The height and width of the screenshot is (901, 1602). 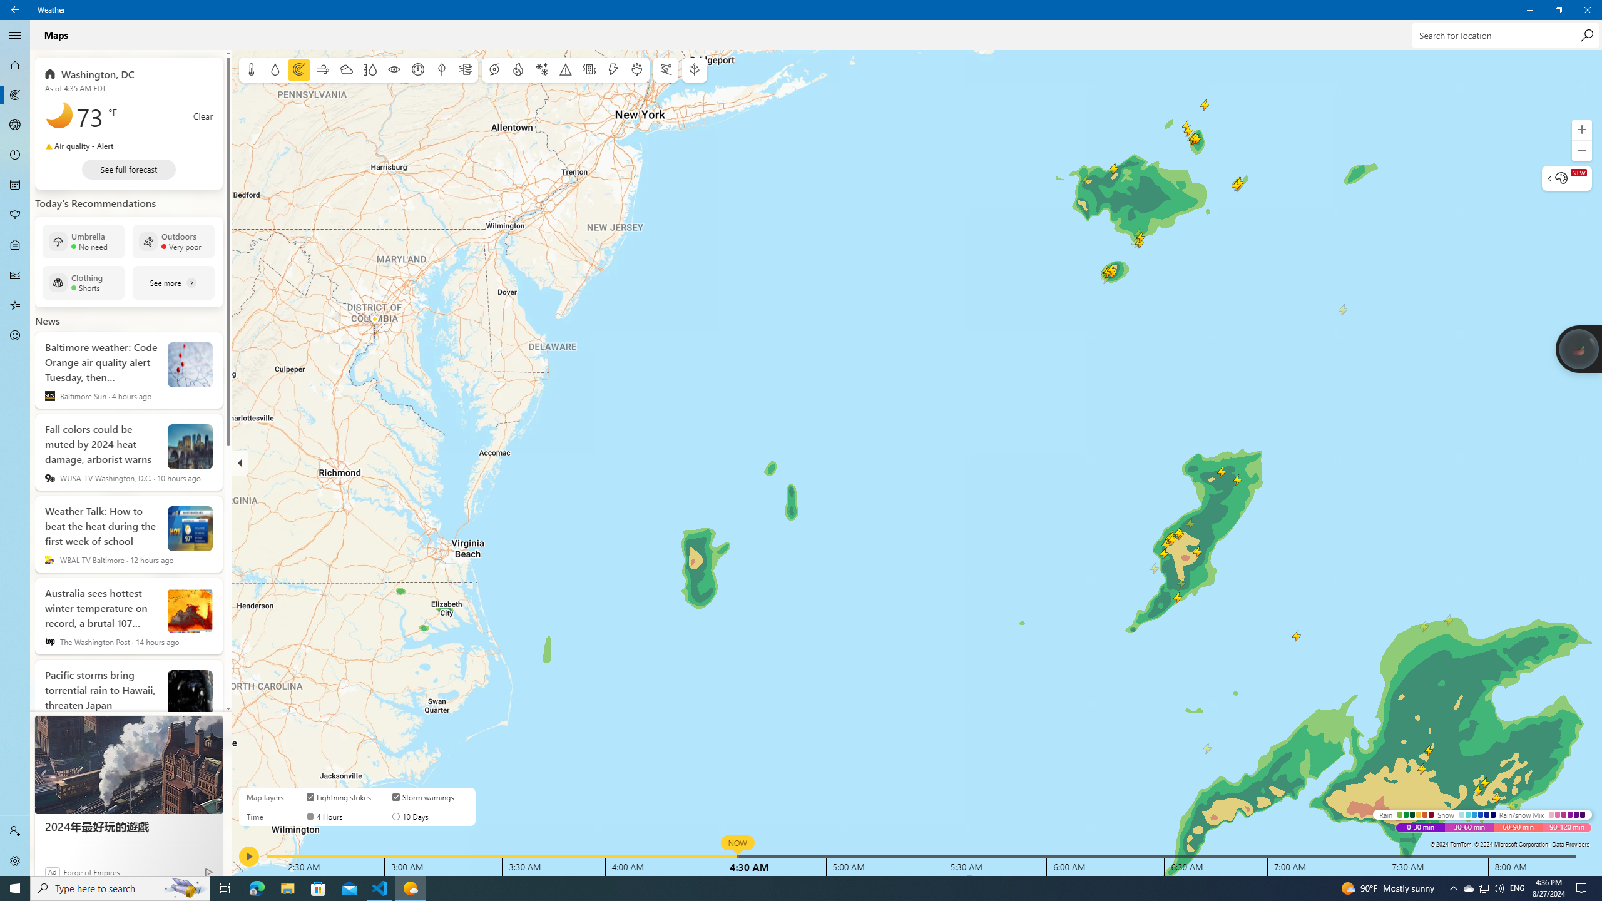 I want to click on 'Collapse Navigation', so click(x=15, y=34).